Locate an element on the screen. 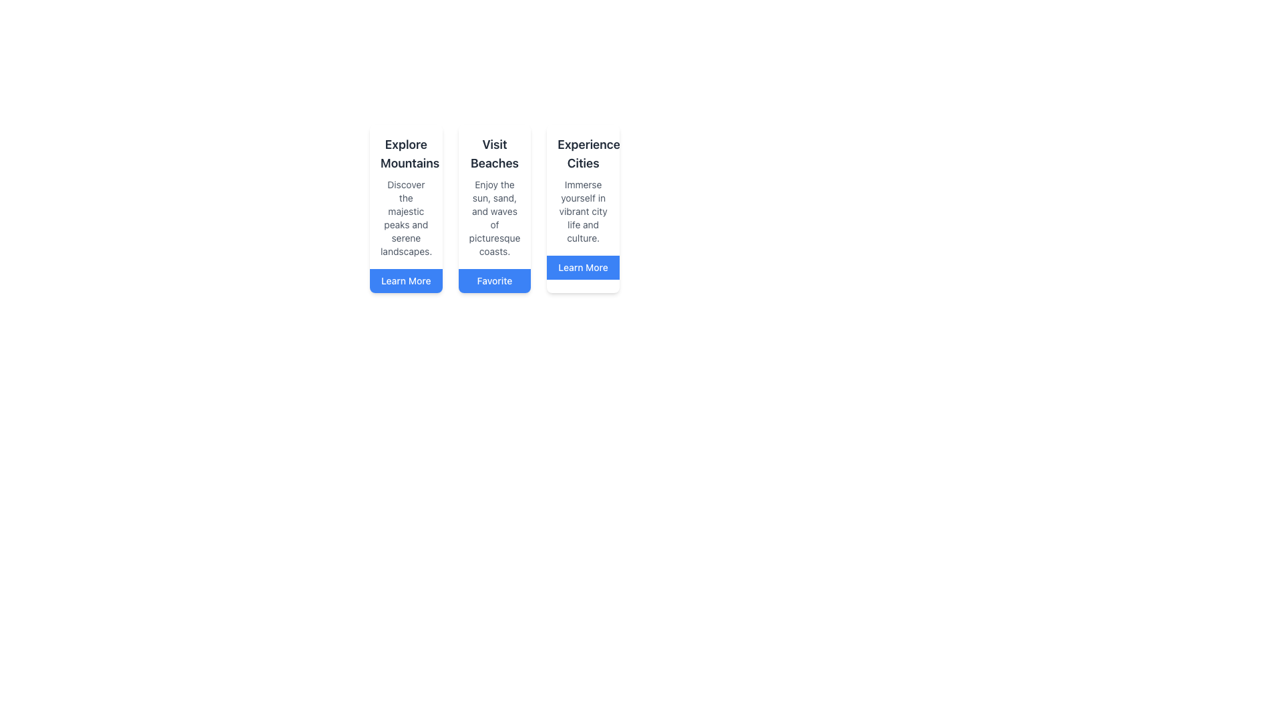  the 'Learn More' button with a blue background located at the bottom of the 'Explore Mountains' card for accessibility interactions is located at coordinates (405, 280).